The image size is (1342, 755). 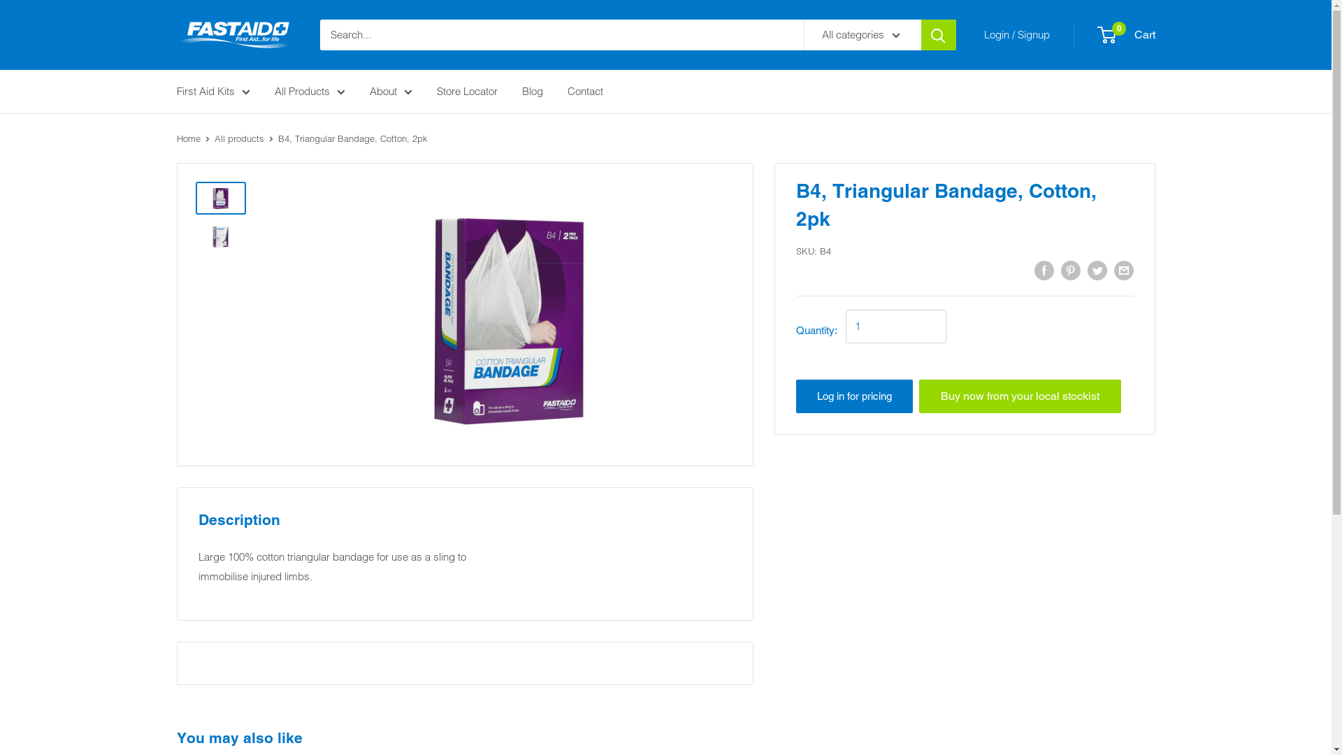 What do you see at coordinates (1020, 396) in the screenshot?
I see `'Buy now from your local stockist'` at bounding box center [1020, 396].